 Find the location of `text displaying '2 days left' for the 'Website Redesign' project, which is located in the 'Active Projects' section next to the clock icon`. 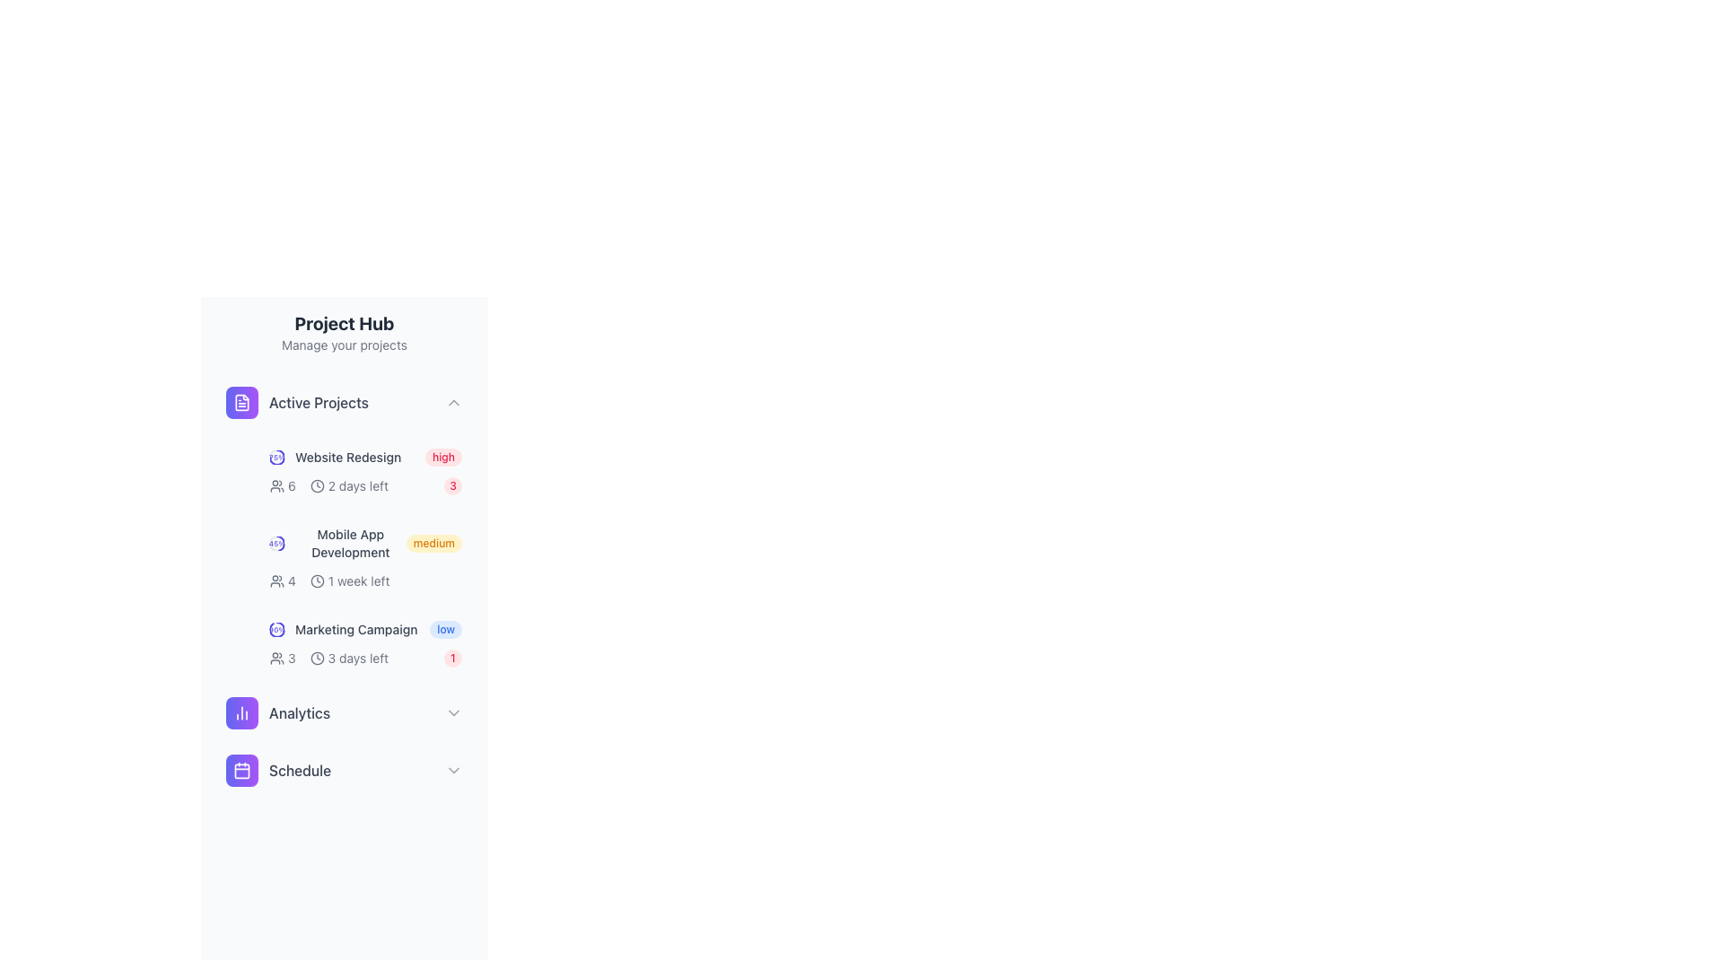

text displaying '2 days left' for the 'Website Redesign' project, which is located in the 'Active Projects' section next to the clock icon is located at coordinates (328, 486).